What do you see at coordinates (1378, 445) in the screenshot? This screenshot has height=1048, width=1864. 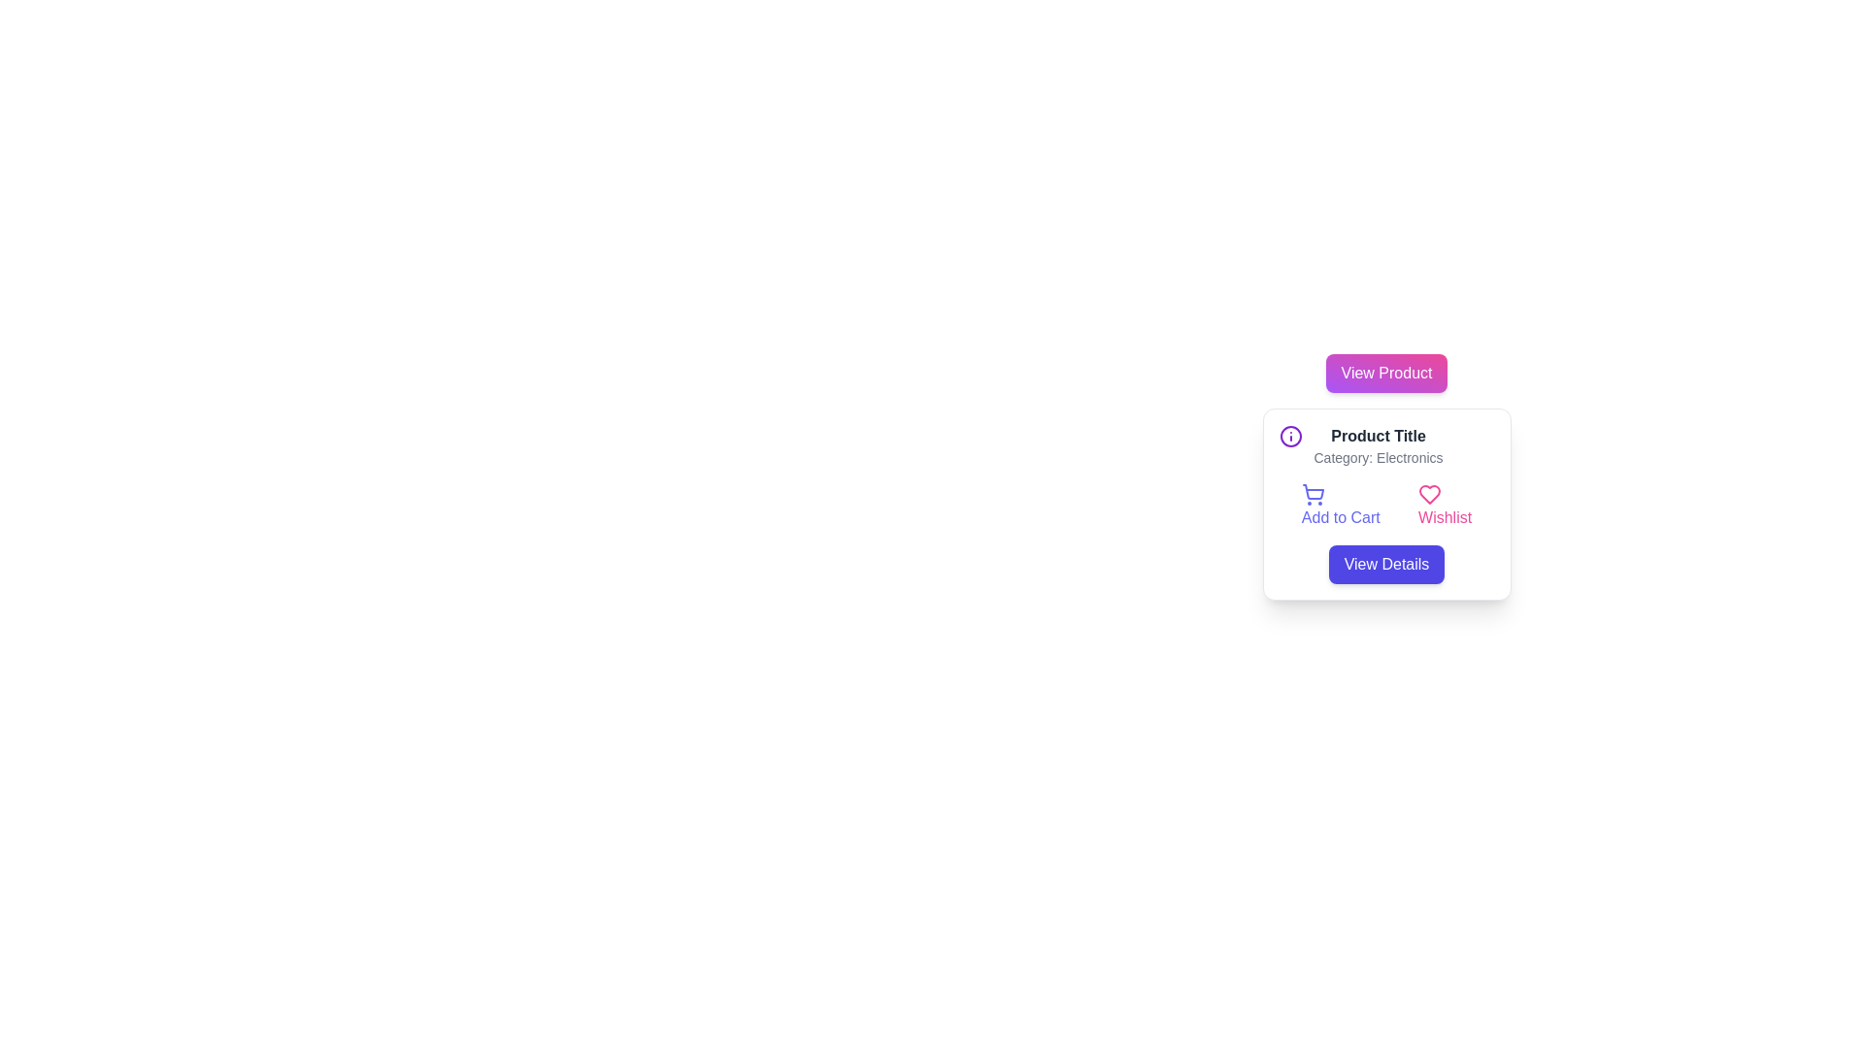 I see `product title displayed in the text area located within the card interface, positioned below a small purple circular icon` at bounding box center [1378, 445].